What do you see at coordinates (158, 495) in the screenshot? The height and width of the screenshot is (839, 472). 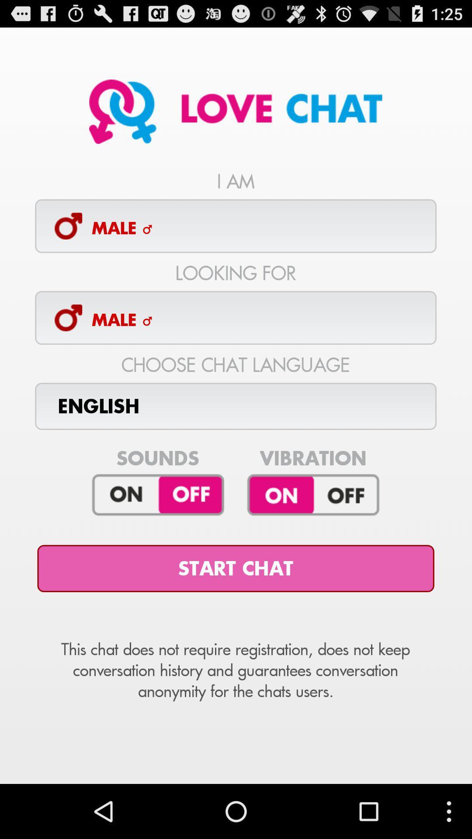 I see `turn sound off or on` at bounding box center [158, 495].